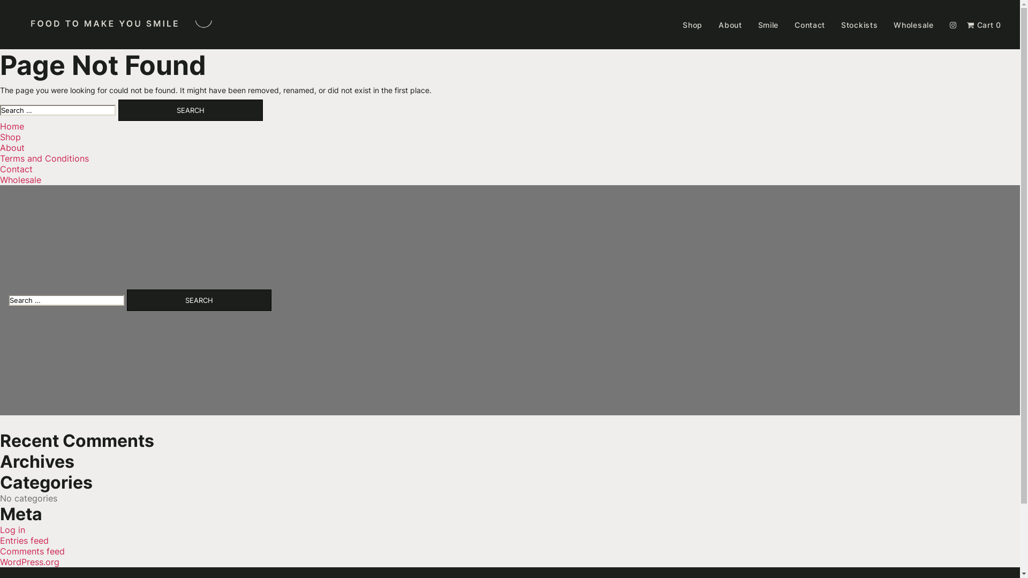 The width and height of the screenshot is (1028, 578). Describe the element at coordinates (43, 158) in the screenshot. I see `'Terms and Conditions'` at that location.